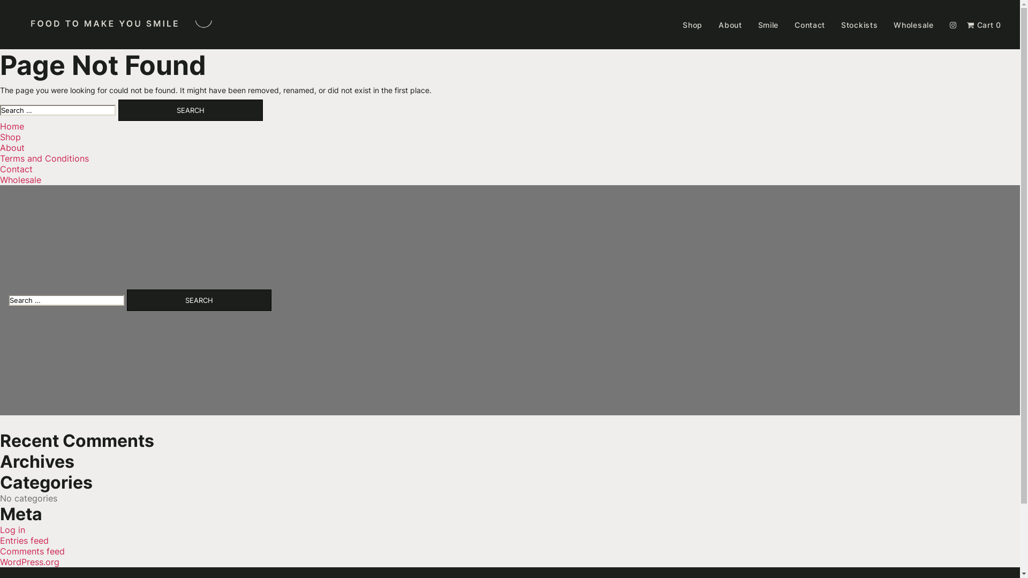 The width and height of the screenshot is (1028, 578). Describe the element at coordinates (43, 158) in the screenshot. I see `'Terms and Conditions'` at that location.